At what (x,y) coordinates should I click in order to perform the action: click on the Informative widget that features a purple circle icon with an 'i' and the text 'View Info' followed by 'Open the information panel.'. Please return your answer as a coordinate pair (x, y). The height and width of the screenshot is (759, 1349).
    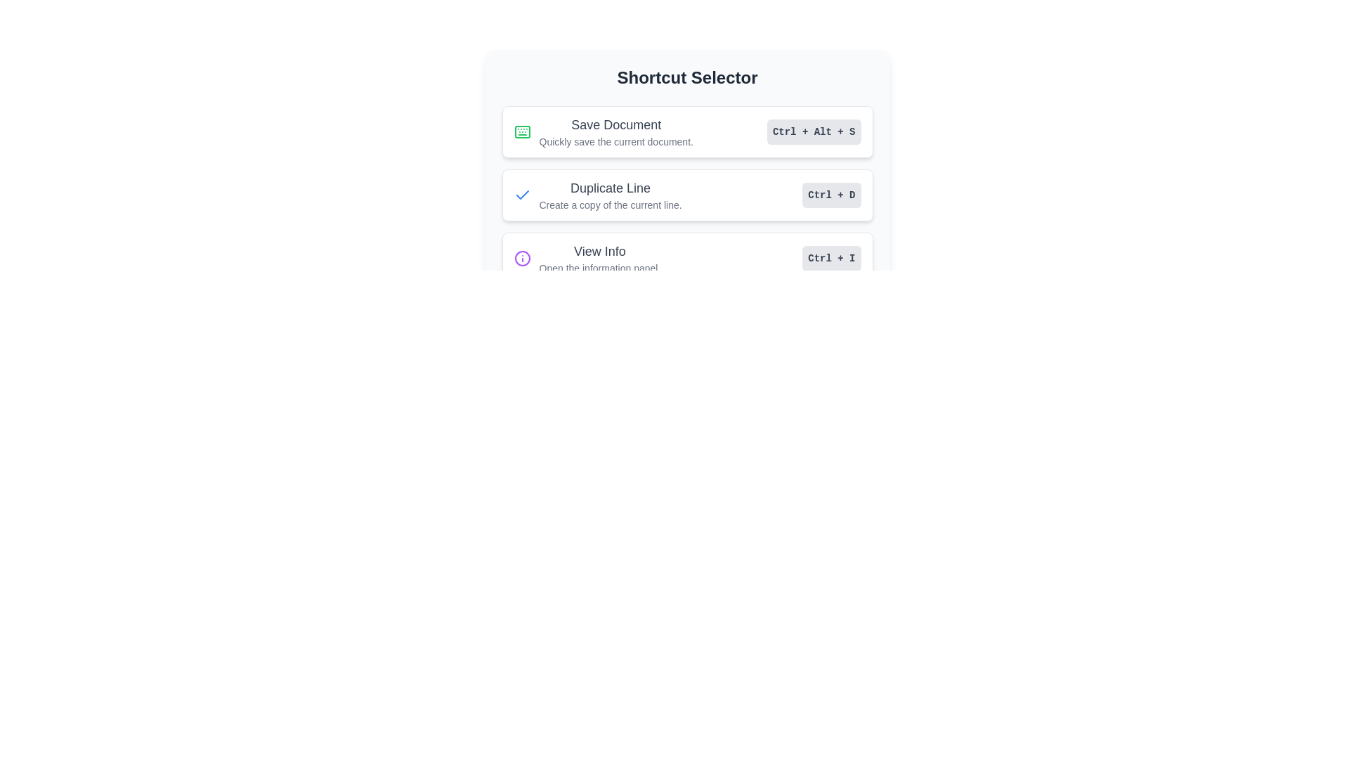
    Looking at the image, I should click on (587, 258).